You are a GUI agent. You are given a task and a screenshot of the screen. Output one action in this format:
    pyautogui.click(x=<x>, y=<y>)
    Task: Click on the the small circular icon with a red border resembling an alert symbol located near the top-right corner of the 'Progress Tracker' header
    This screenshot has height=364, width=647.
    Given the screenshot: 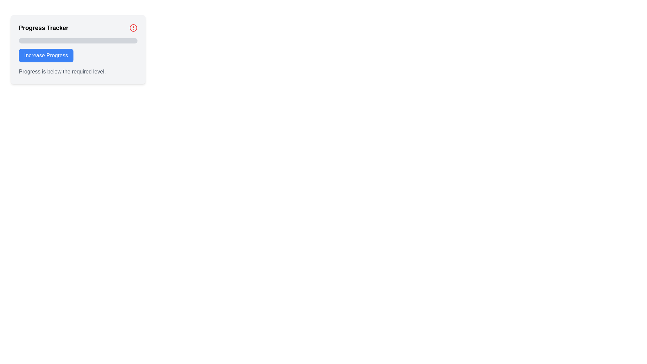 What is the action you would take?
    pyautogui.click(x=133, y=28)
    